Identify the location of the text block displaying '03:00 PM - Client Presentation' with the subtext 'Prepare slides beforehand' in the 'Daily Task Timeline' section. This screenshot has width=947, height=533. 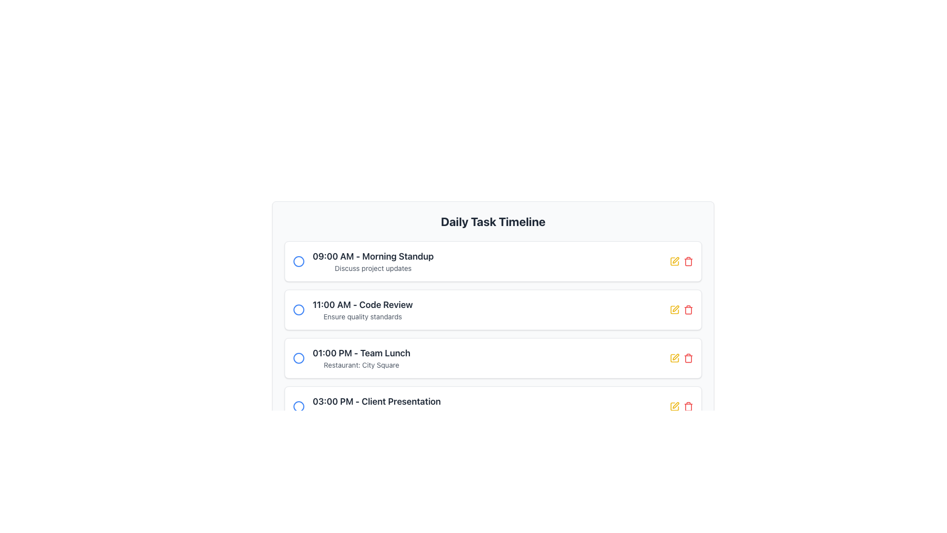
(376, 407).